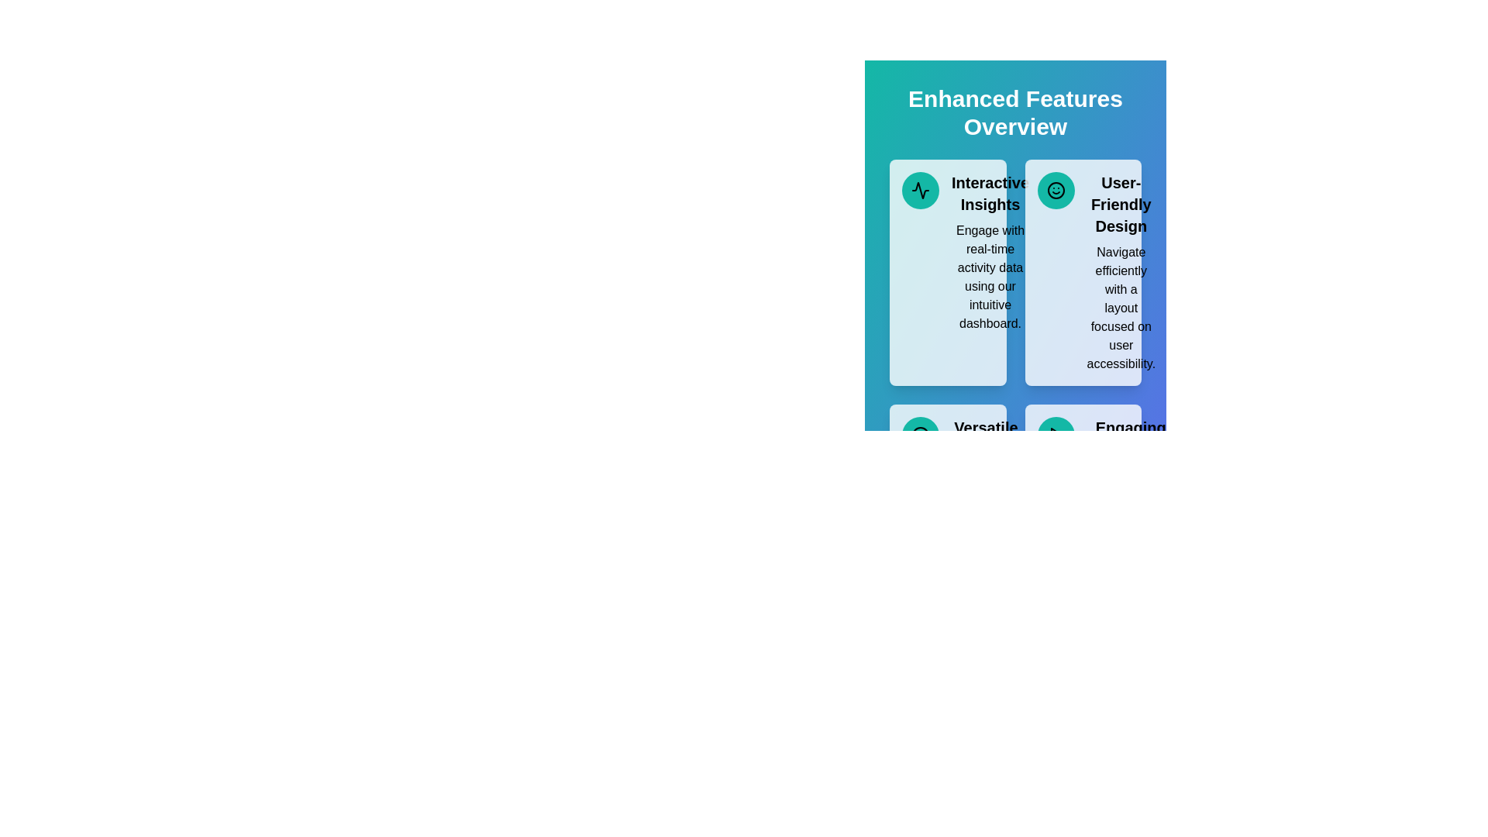 The height and width of the screenshot is (837, 1488). What do you see at coordinates (1055, 190) in the screenshot?
I see `the SVG Smile Icon, which is a circular icon with a smiling face design, located within the teal circular button in the rightmost card under the 'Enhanced Features Overview' section` at bounding box center [1055, 190].